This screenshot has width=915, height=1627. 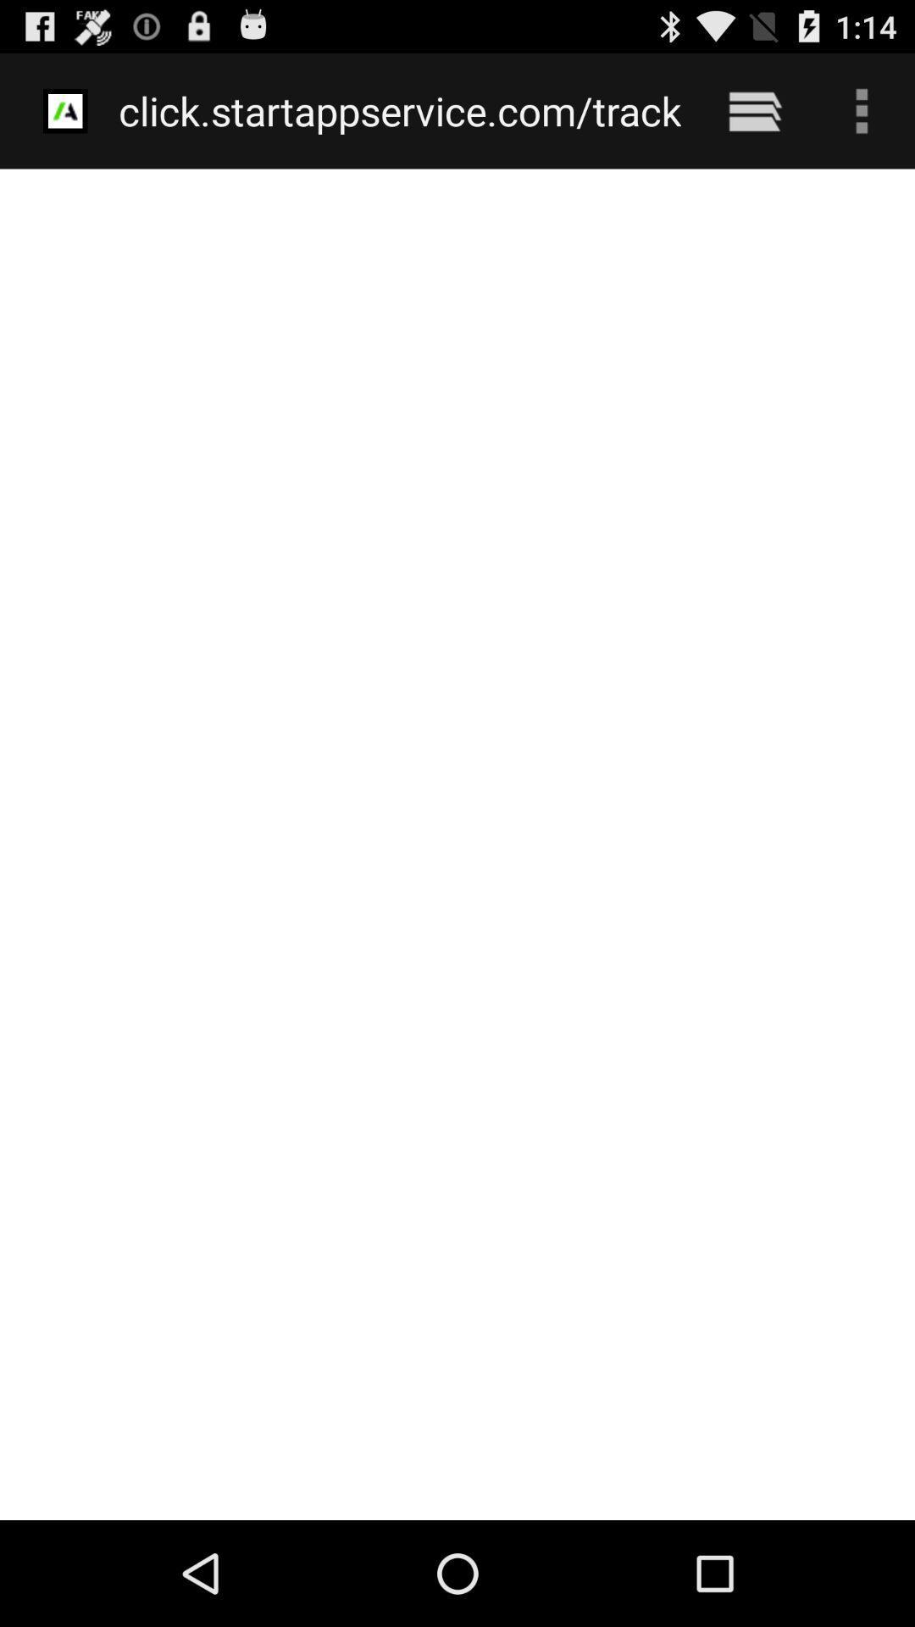 What do you see at coordinates (754, 110) in the screenshot?
I see `icon to the right of the click startappservice com item` at bounding box center [754, 110].